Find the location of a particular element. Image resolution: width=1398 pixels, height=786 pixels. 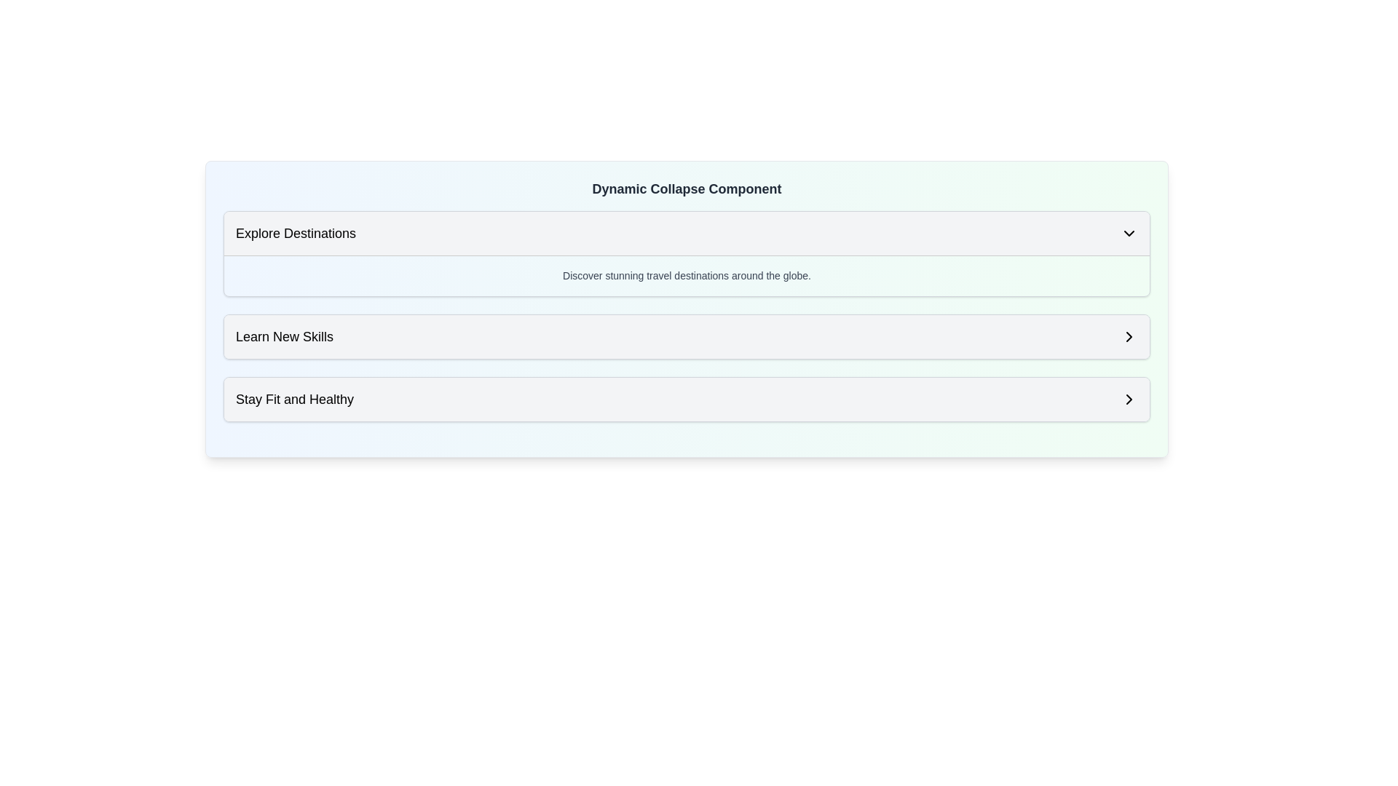

the chevron icon located on the right side of the 'Stay Fit and Healthy' section is located at coordinates (1128, 399).